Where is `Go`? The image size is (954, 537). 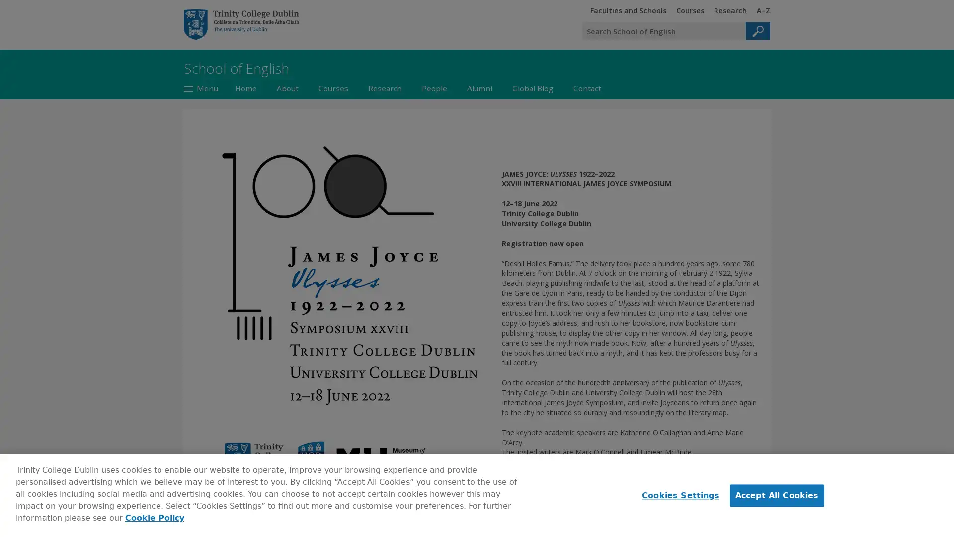 Go is located at coordinates (757, 30).